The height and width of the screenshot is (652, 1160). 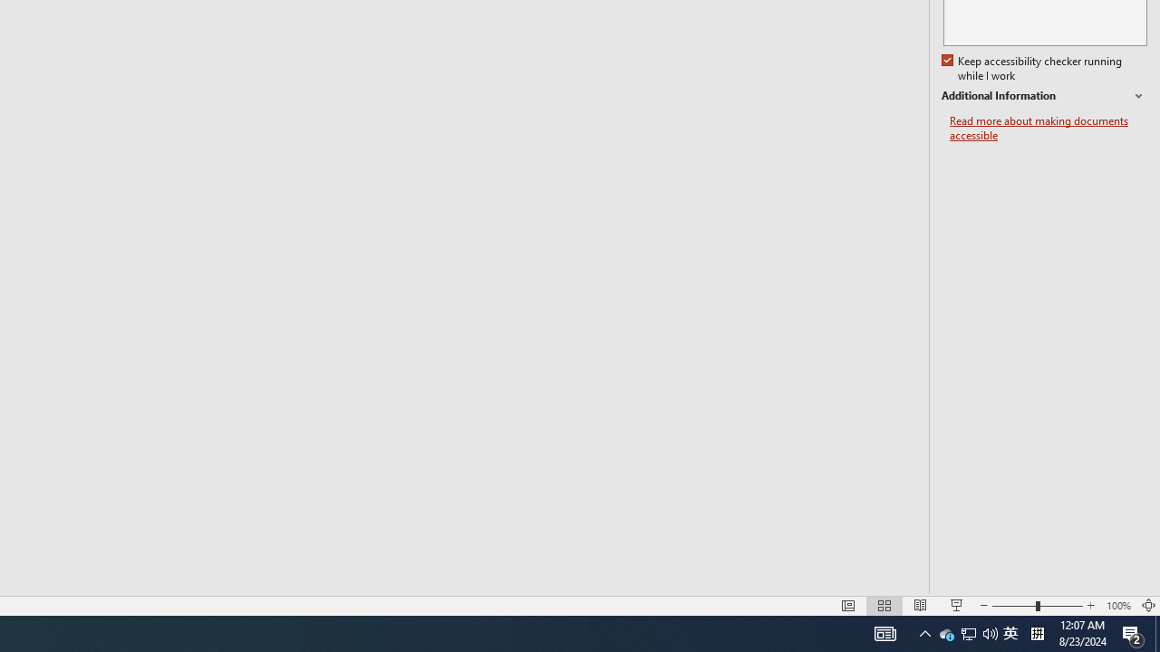 I want to click on 'Read more about making documents accessible', so click(x=1049, y=128).